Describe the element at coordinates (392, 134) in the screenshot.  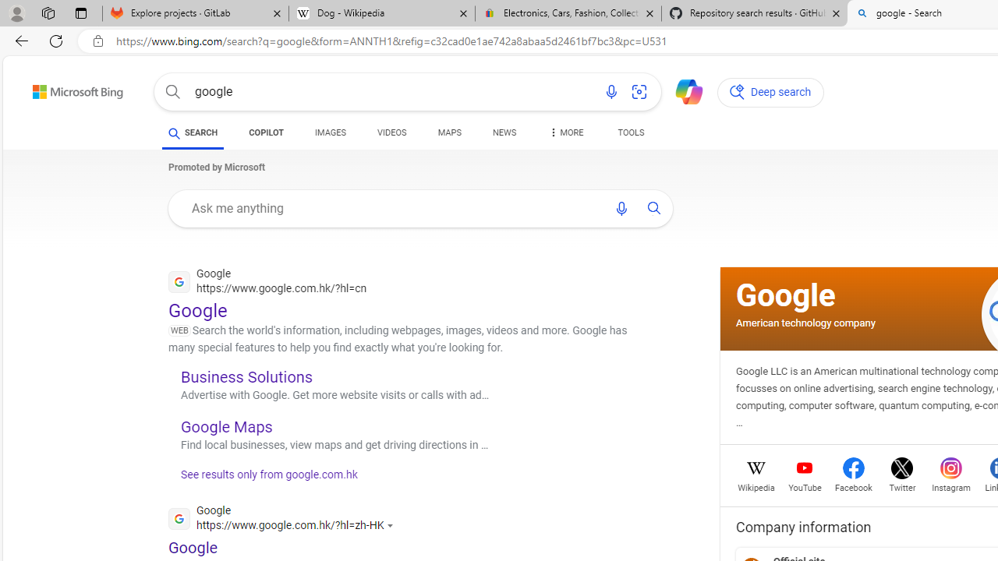
I see `'VIDEOS'` at that location.